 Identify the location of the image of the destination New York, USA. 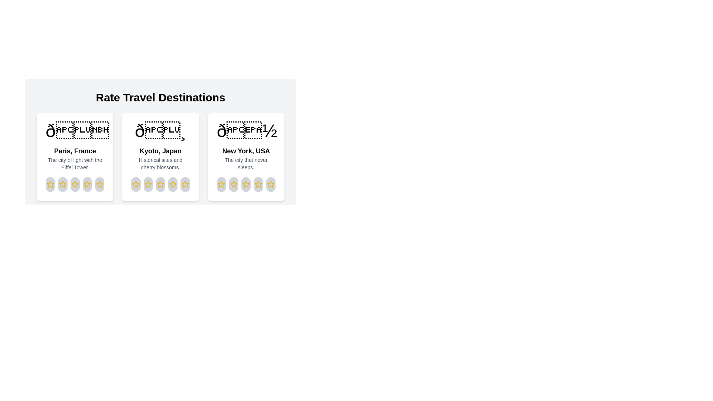
(246, 131).